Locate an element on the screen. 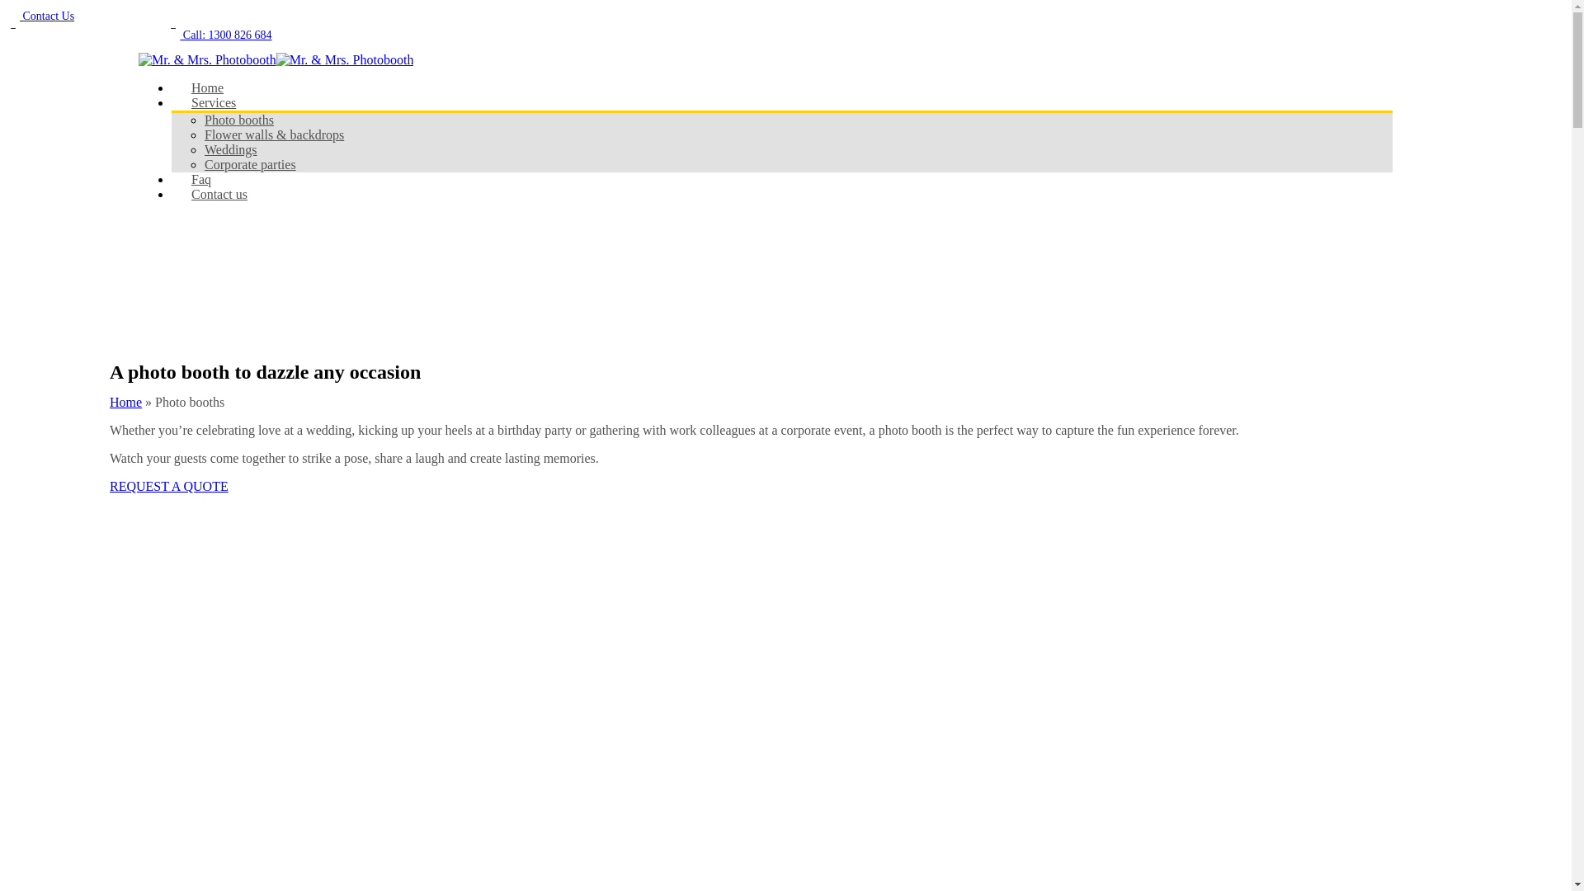 This screenshot has width=1584, height=891. 'Corporate parties' is located at coordinates (249, 164).